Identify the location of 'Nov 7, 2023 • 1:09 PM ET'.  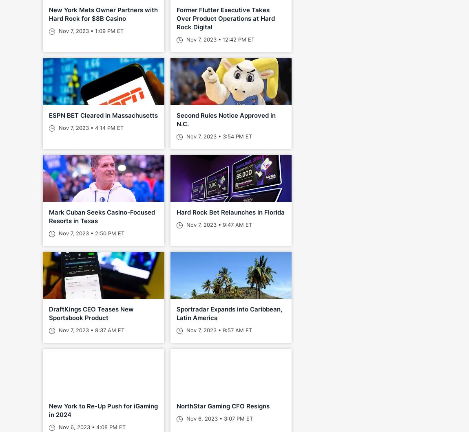
(90, 31).